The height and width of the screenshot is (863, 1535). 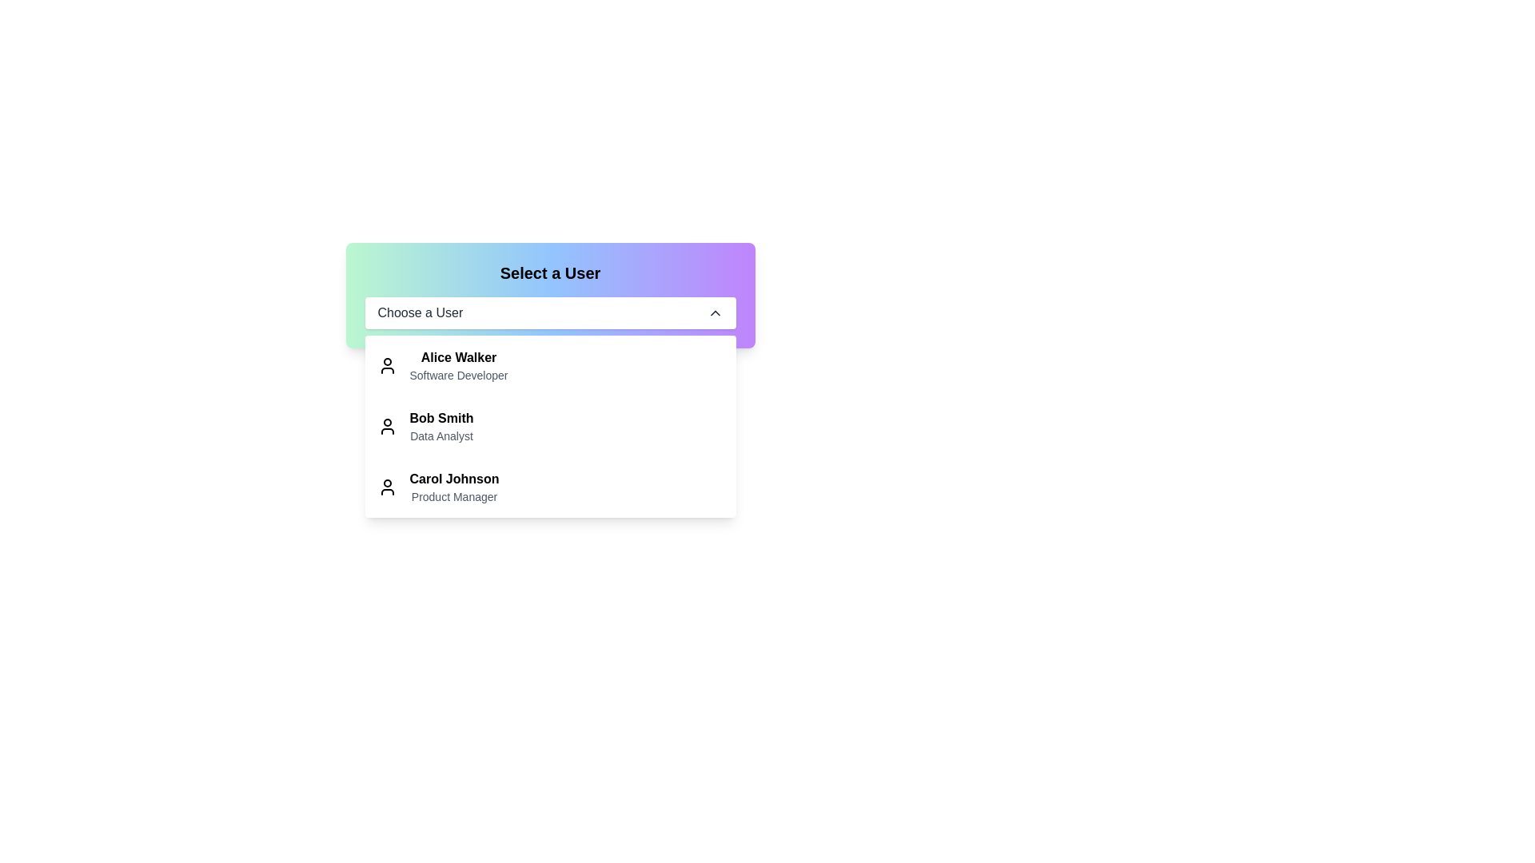 What do you see at coordinates (550, 486) in the screenshot?
I see `the list item 'Carol Johnson' within the dropdown menu` at bounding box center [550, 486].